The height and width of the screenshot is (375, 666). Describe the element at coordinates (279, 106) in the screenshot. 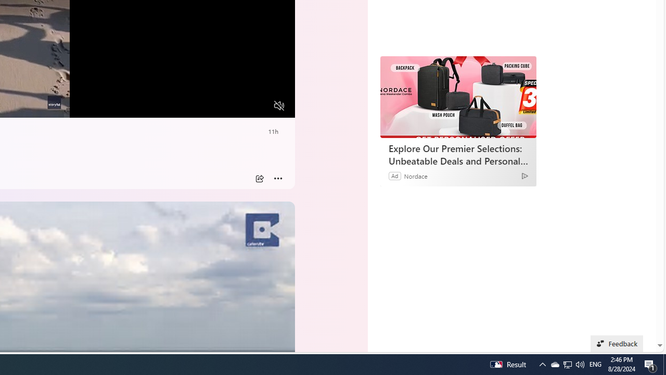

I see `'Unmute'` at that location.